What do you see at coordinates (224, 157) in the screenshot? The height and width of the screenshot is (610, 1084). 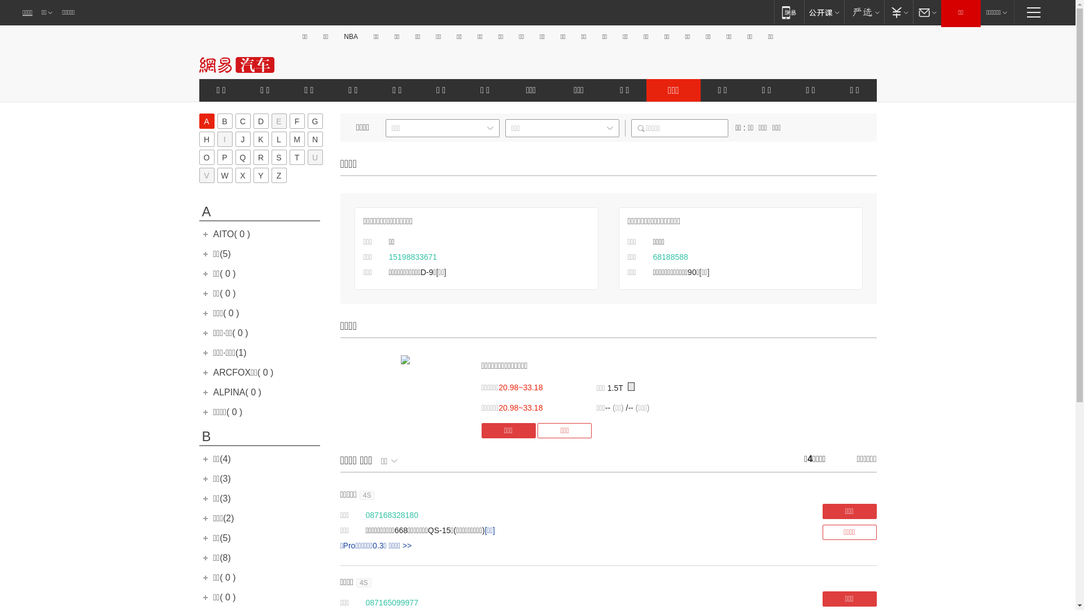 I see `'P'` at bounding box center [224, 157].